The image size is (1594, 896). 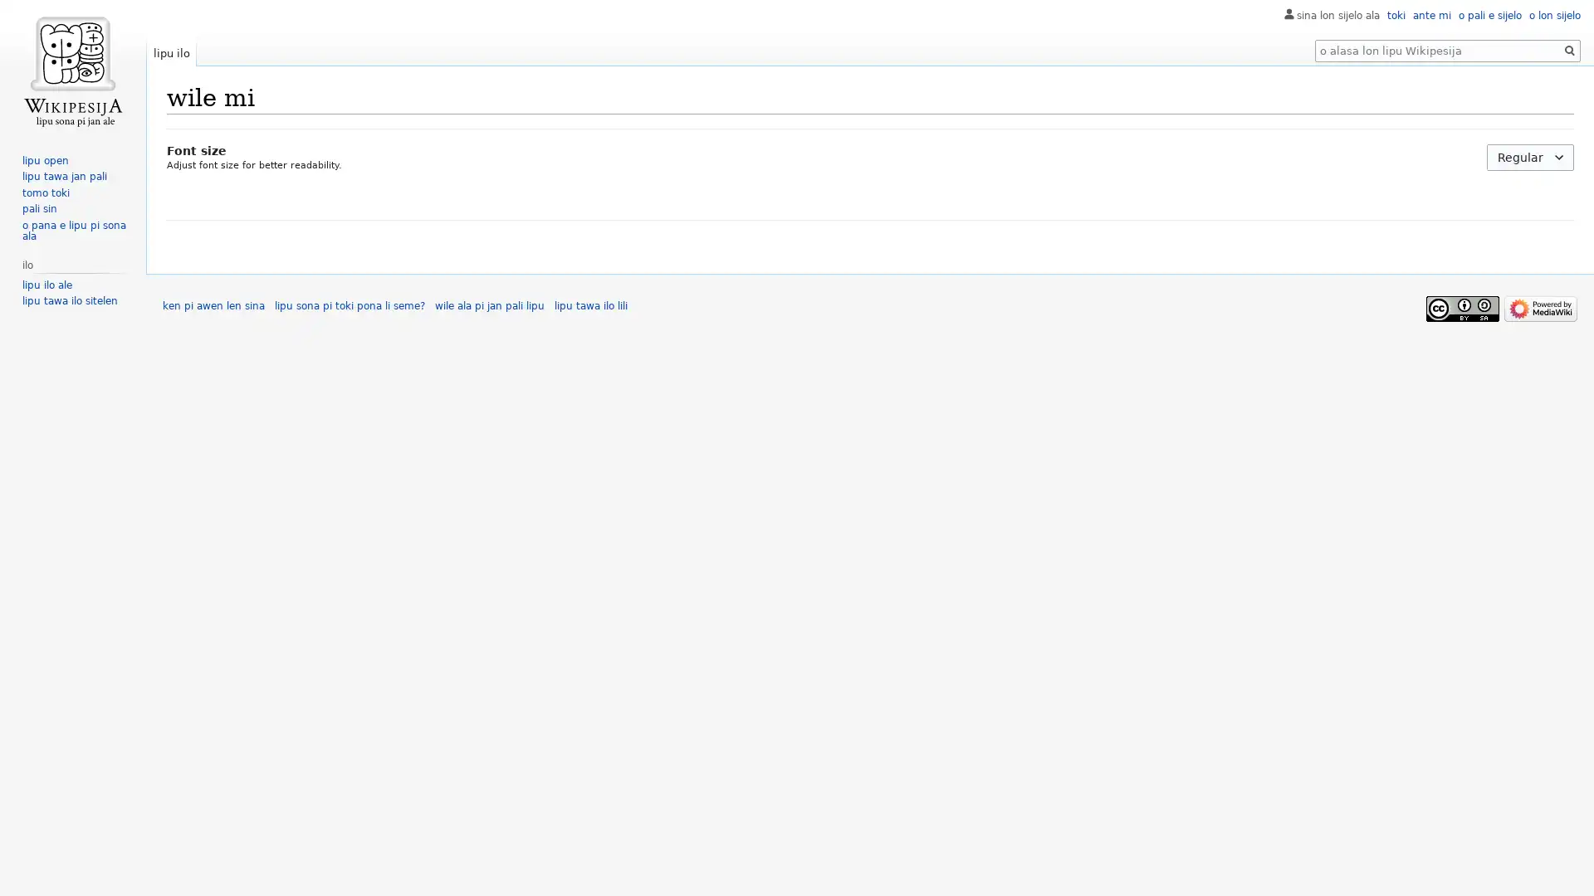 What do you see at coordinates (1569, 50) in the screenshot?
I see `o alasa` at bounding box center [1569, 50].